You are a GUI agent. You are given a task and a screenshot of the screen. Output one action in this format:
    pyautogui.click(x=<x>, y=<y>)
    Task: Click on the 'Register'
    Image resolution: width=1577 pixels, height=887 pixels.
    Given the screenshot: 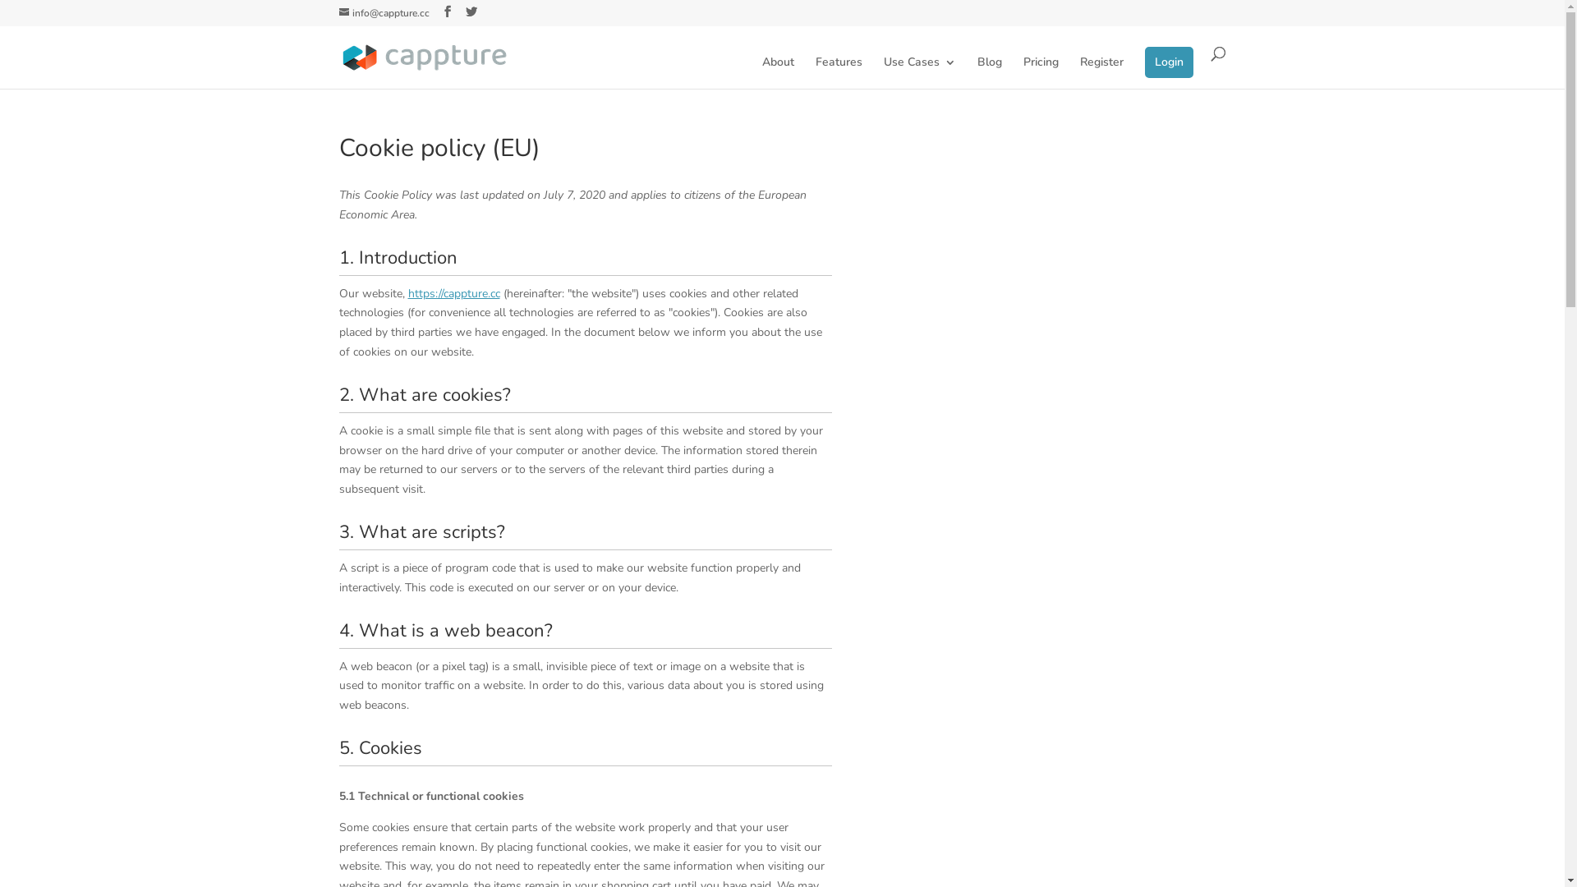 What is the action you would take?
    pyautogui.click(x=1101, y=71)
    